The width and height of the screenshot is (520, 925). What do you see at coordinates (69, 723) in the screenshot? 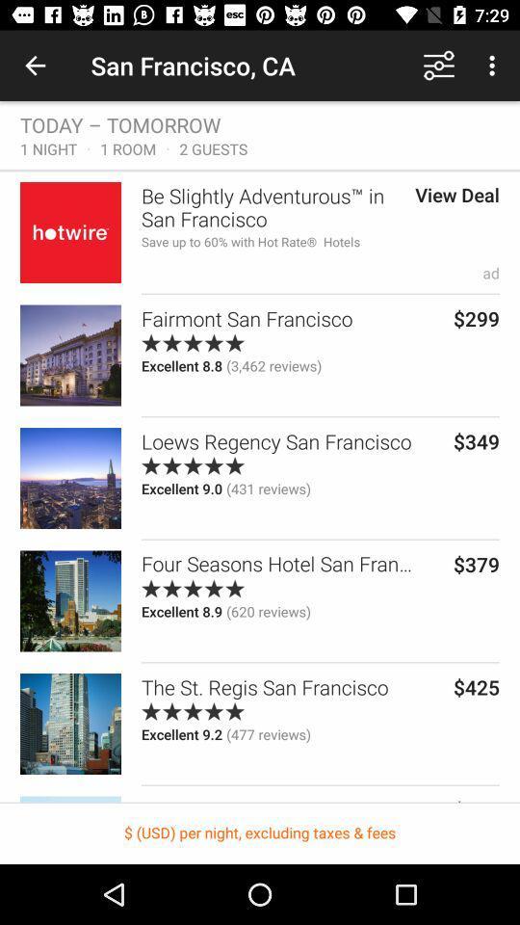
I see `the last image` at bounding box center [69, 723].